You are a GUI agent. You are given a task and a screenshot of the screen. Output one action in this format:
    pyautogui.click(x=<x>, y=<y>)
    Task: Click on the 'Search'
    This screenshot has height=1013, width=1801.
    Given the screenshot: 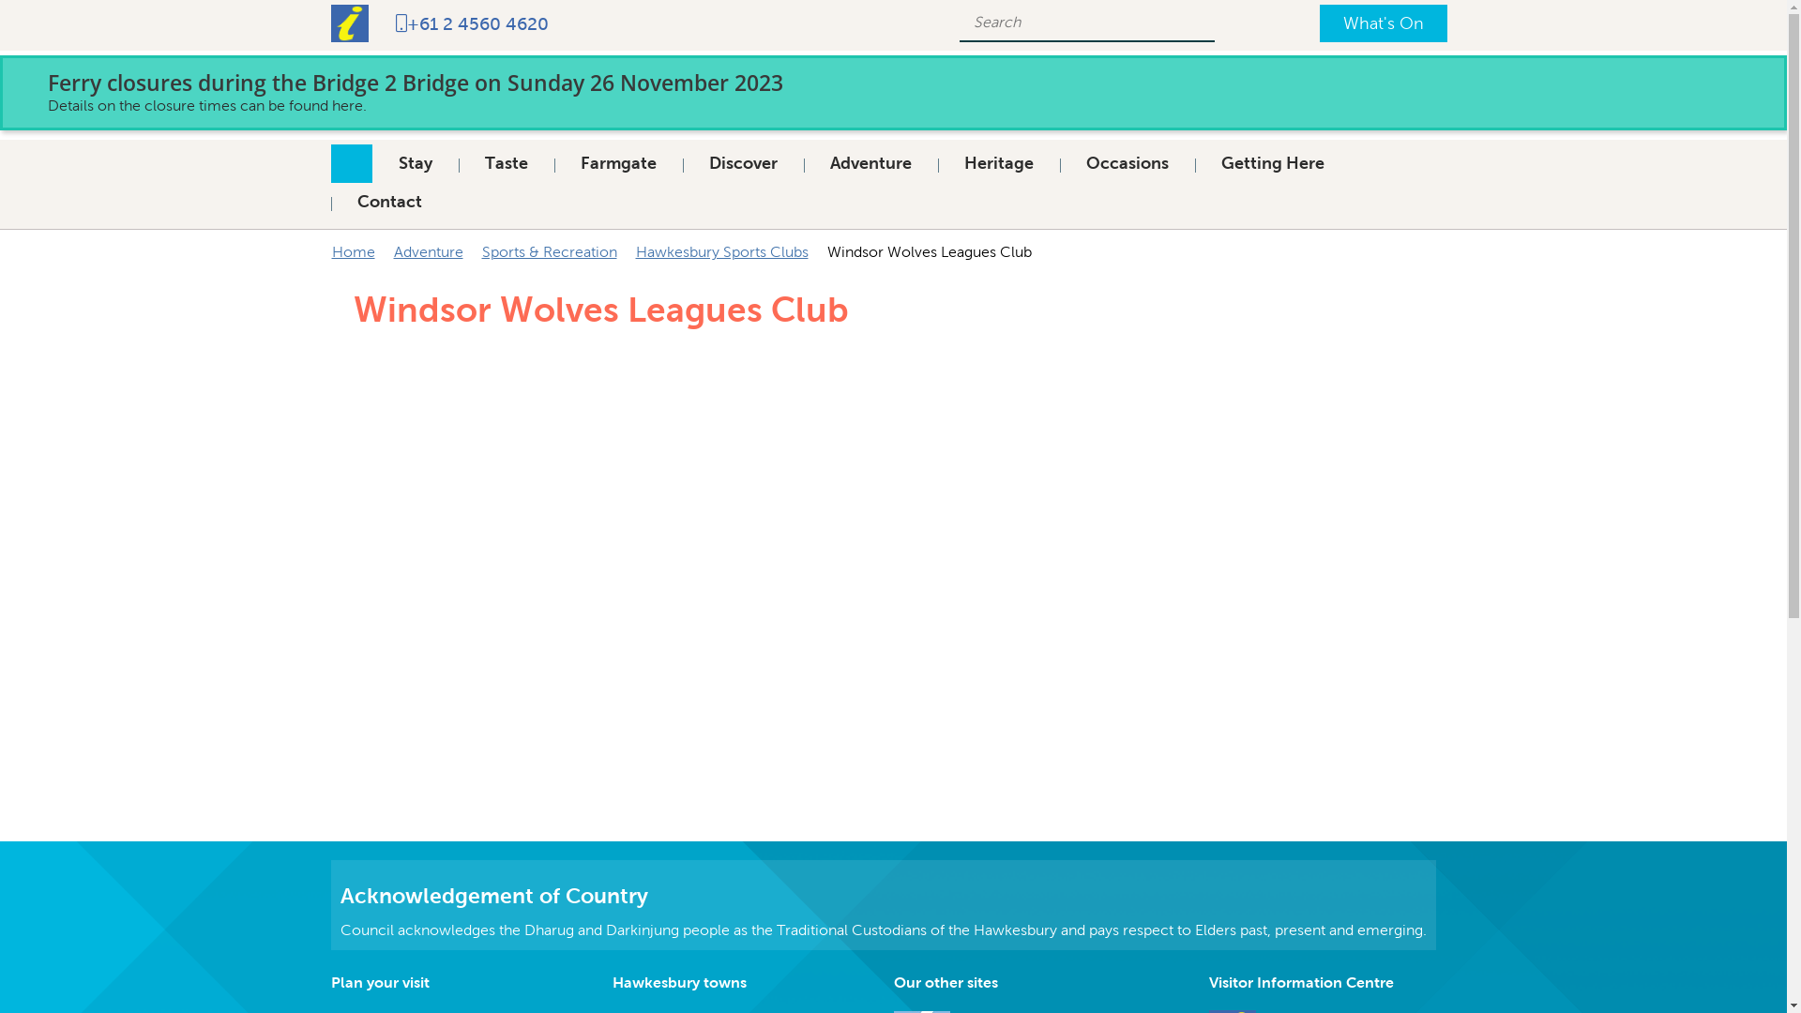 What is the action you would take?
    pyautogui.click(x=1191, y=22)
    